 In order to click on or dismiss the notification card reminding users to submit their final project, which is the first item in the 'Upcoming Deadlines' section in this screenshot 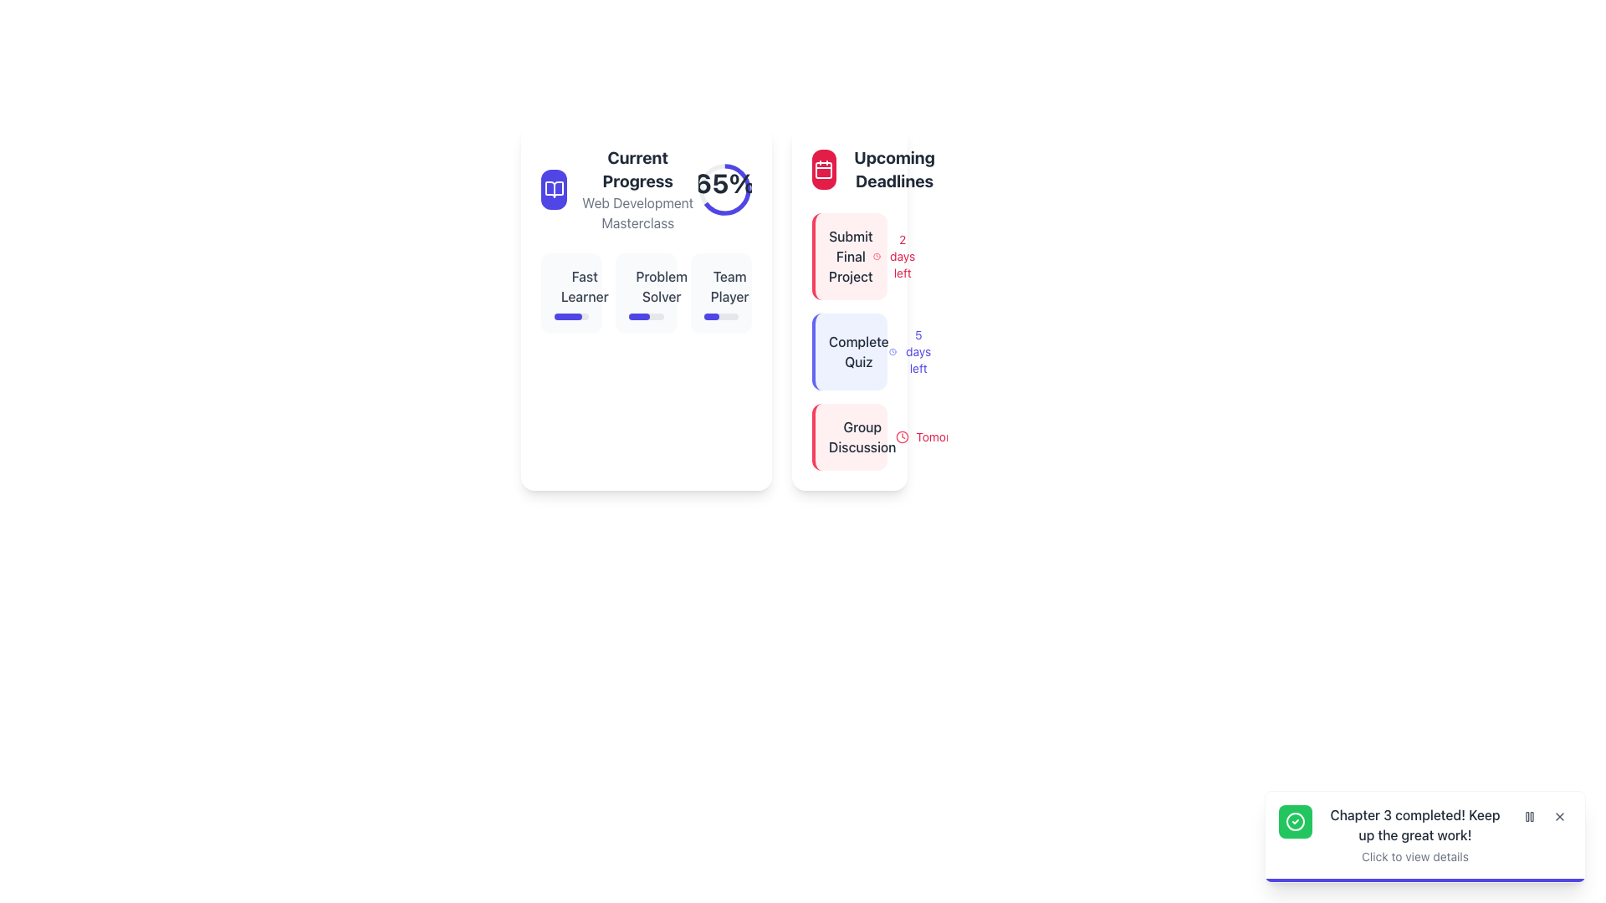, I will do `click(850, 257)`.